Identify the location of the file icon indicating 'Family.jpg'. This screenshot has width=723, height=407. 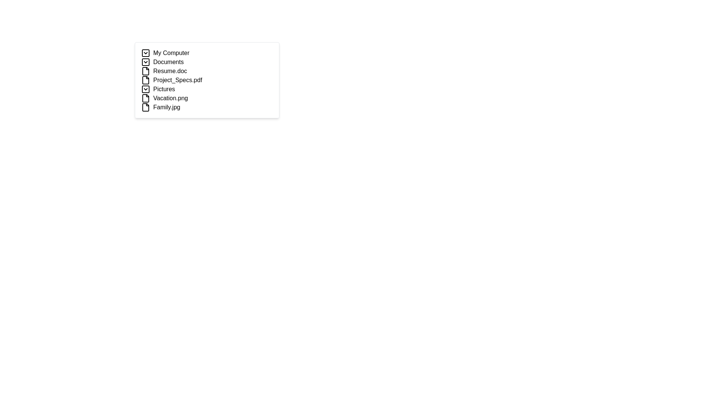
(146, 107).